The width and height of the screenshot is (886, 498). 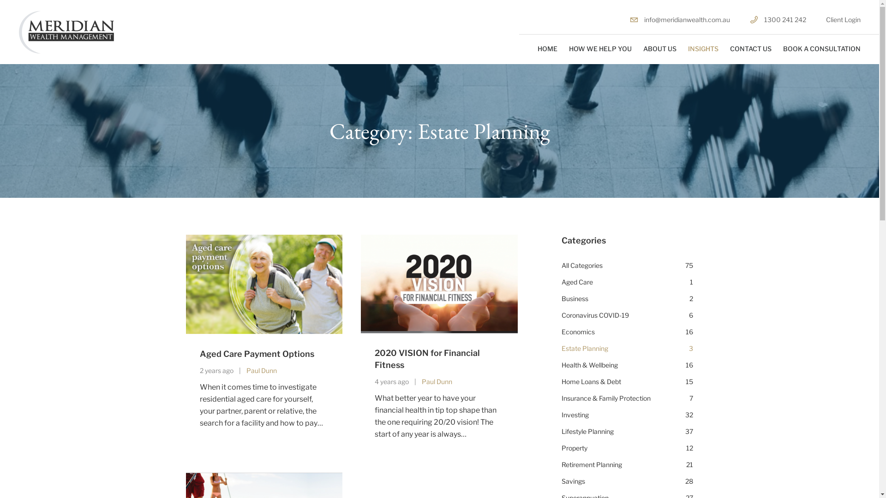 What do you see at coordinates (627, 464) in the screenshot?
I see `'Retirement Planning` at bounding box center [627, 464].